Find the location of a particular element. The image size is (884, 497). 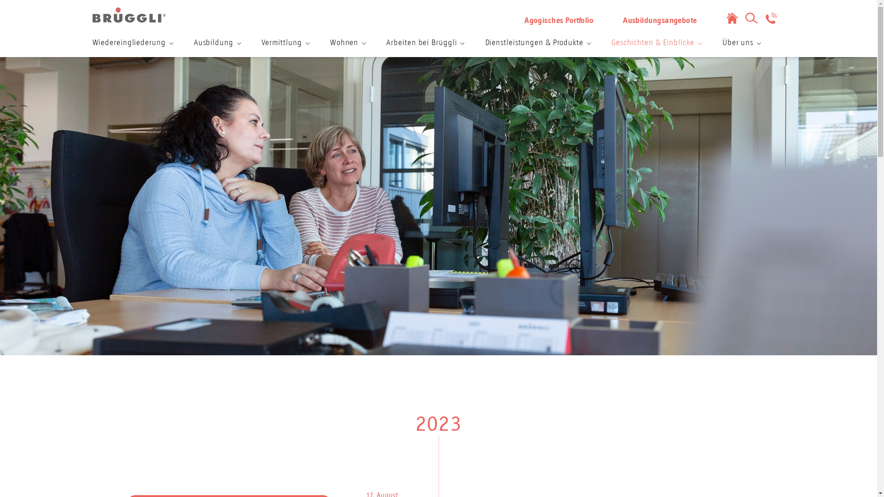

'Geschichten & Einblicke' is located at coordinates (656, 43).